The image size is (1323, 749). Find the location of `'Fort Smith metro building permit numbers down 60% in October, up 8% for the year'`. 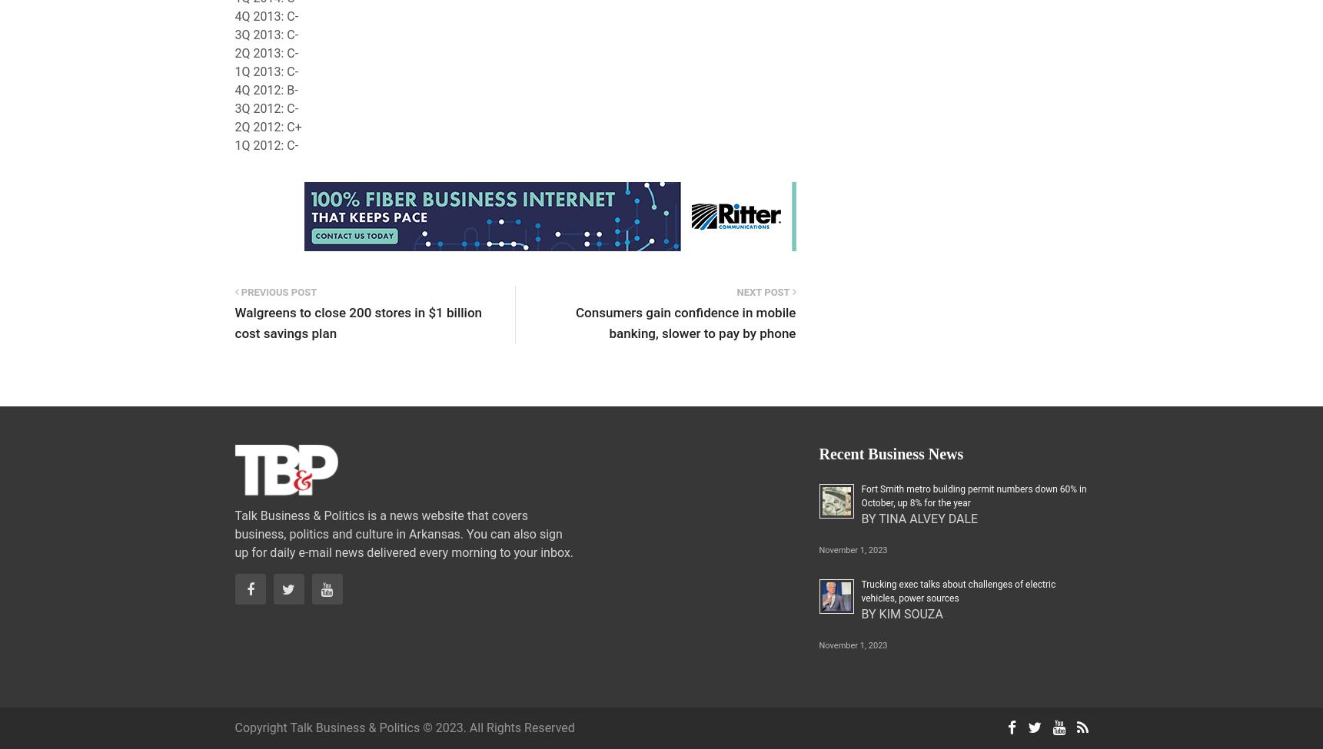

'Fort Smith metro building permit numbers down 60% in October, up 8% for the year' is located at coordinates (973, 496).